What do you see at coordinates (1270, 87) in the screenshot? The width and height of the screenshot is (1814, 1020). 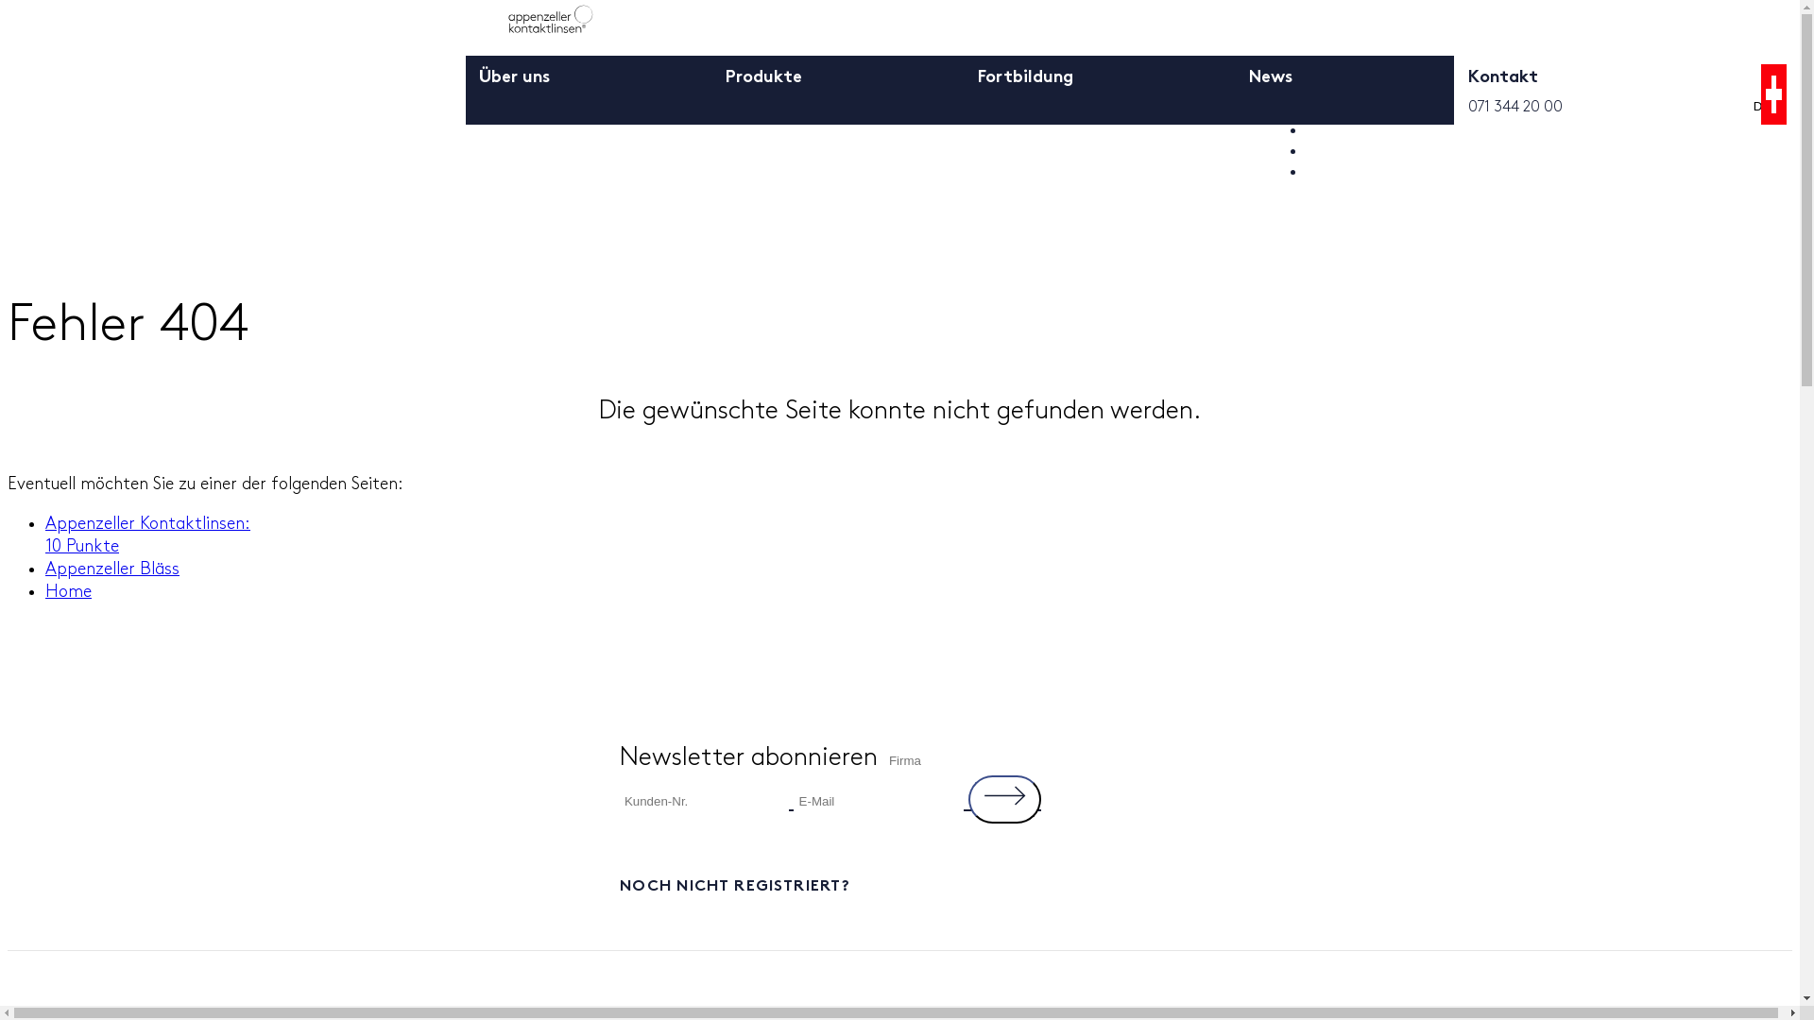 I see `'News'` at bounding box center [1270, 87].